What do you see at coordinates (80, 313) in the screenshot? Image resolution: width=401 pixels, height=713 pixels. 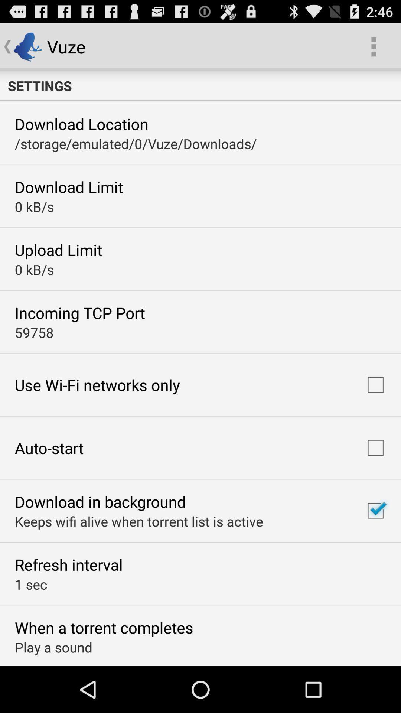 I see `the item below the 0 kb/s` at bounding box center [80, 313].